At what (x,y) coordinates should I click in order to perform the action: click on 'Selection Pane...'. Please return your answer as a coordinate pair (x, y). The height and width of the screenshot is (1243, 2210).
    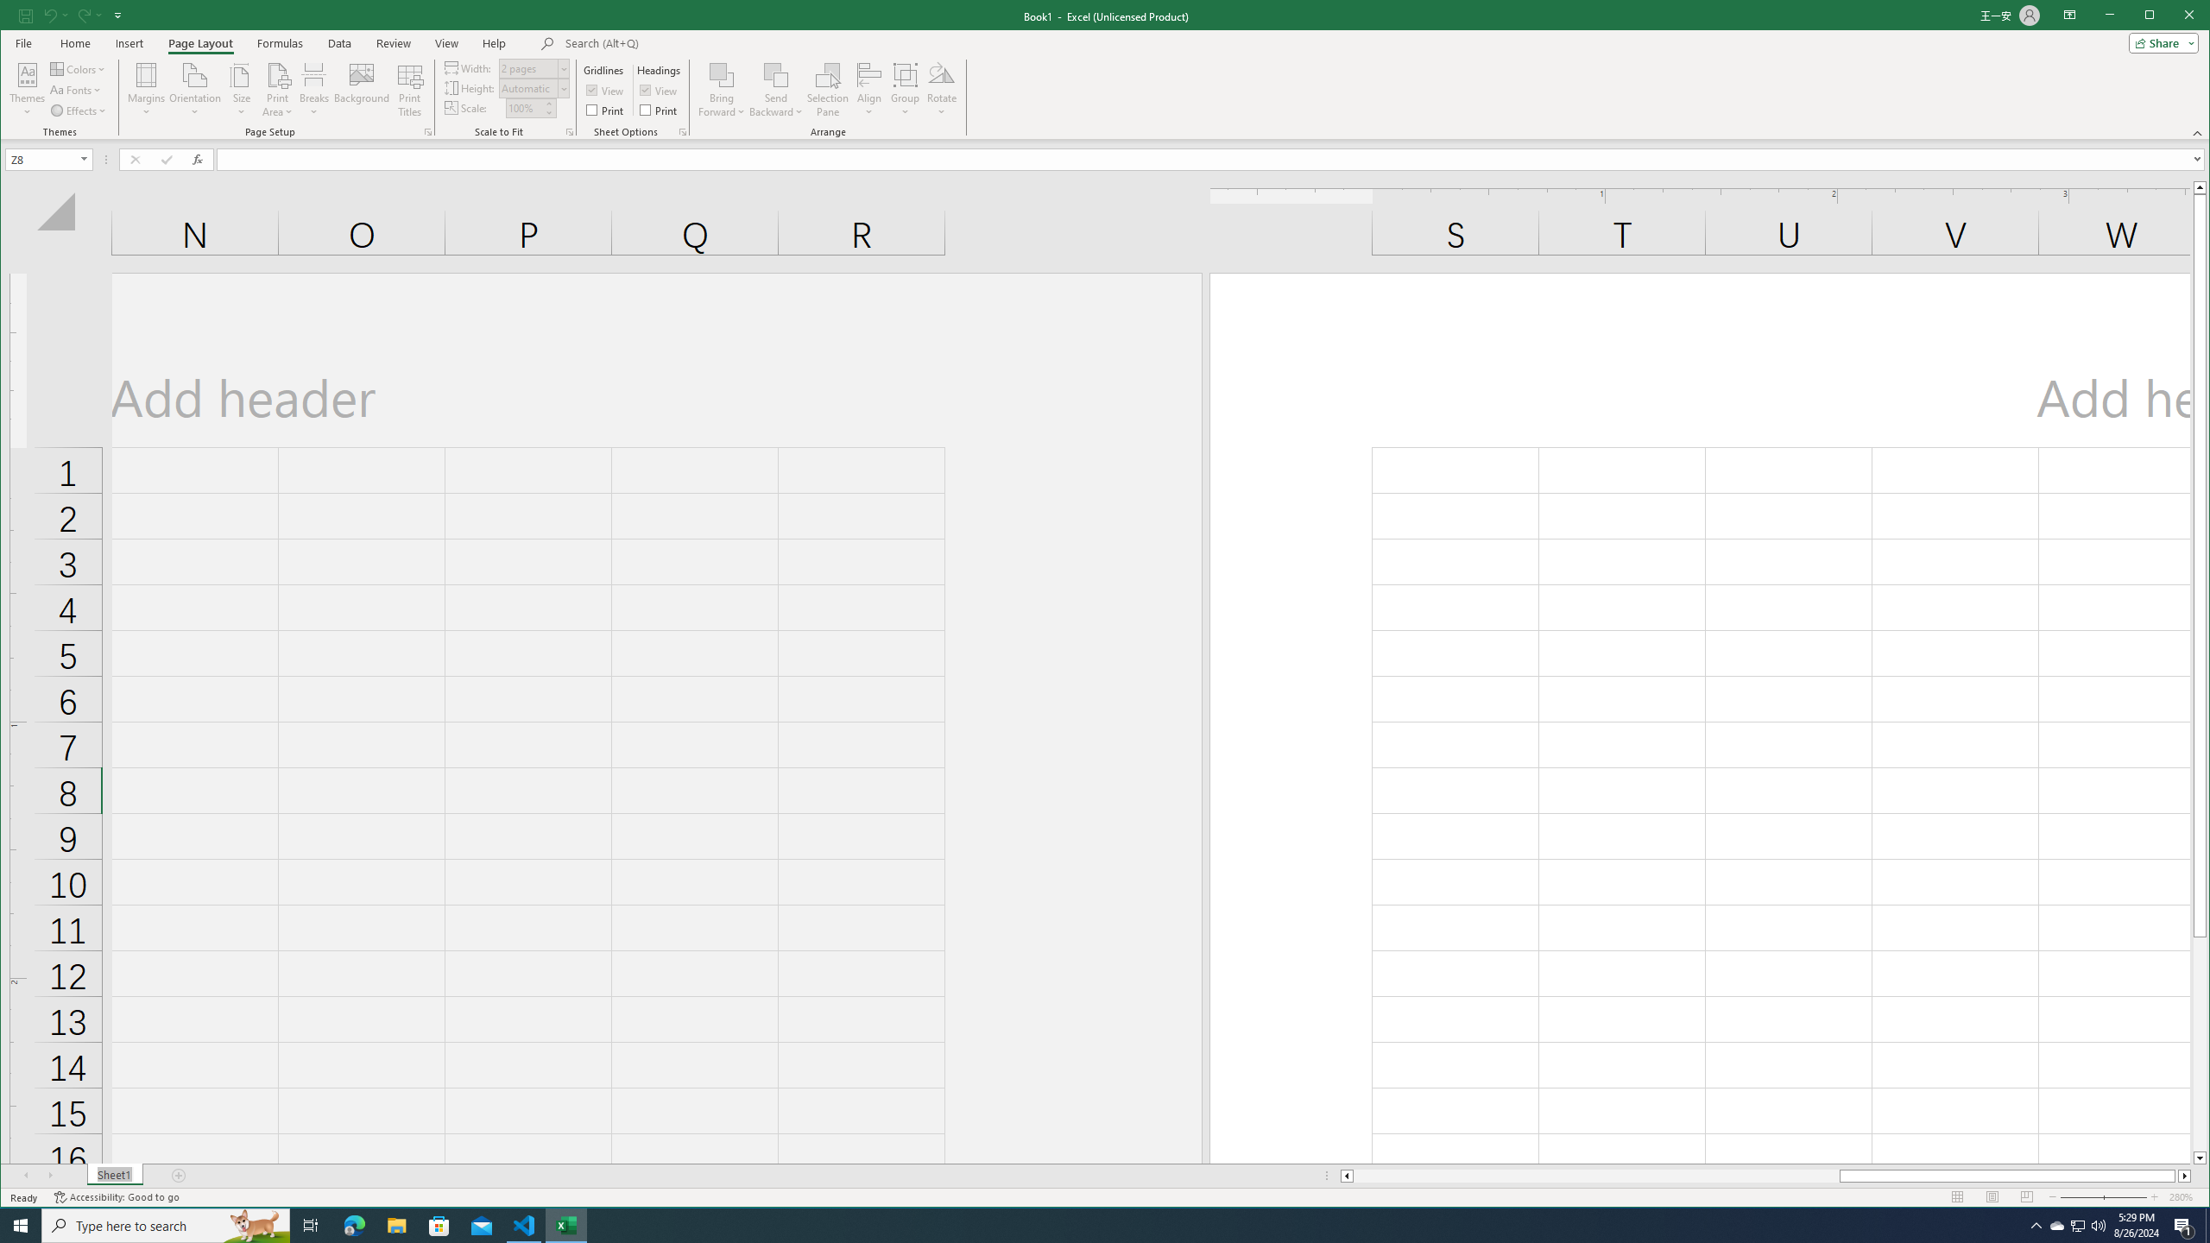
    Looking at the image, I should click on (826, 89).